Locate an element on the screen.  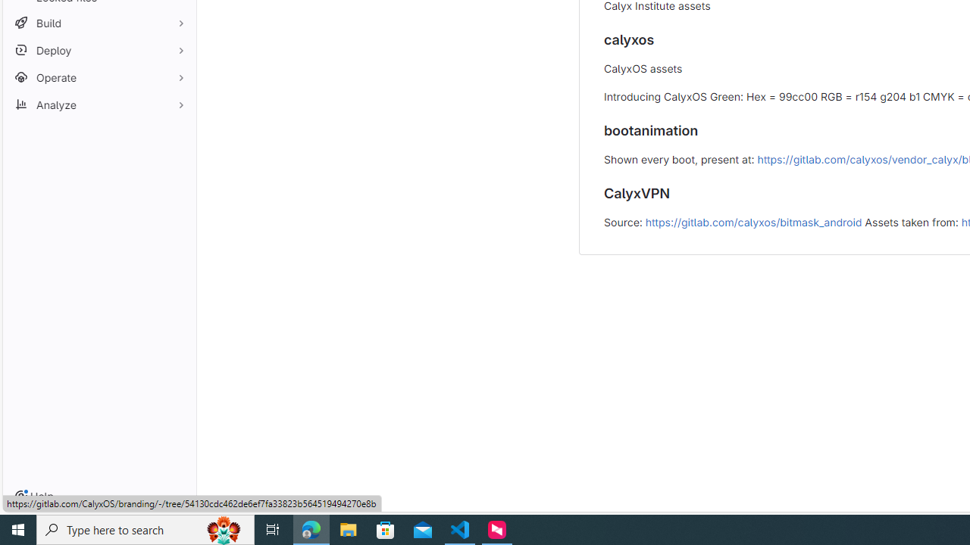
'Deploy' is located at coordinates (99, 49).